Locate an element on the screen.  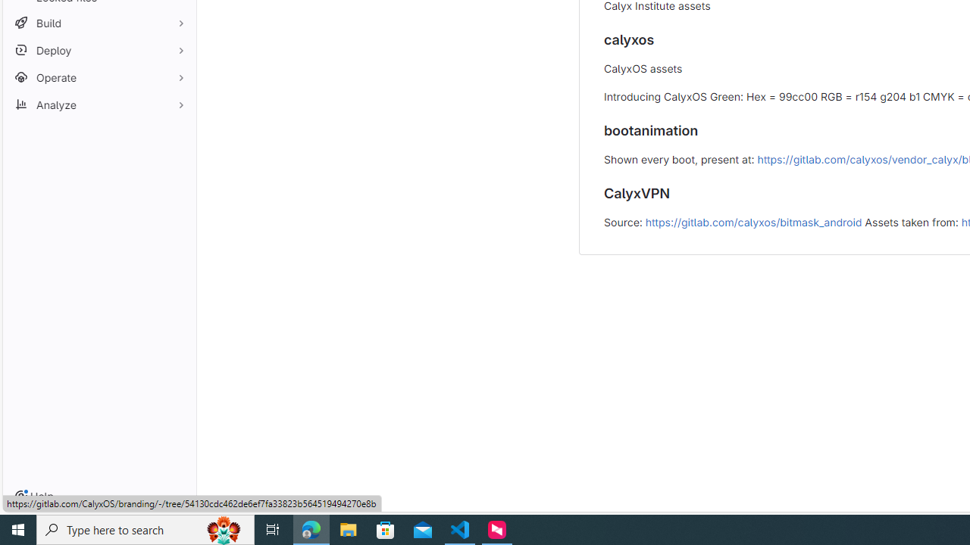
'Deploy' is located at coordinates (99, 49).